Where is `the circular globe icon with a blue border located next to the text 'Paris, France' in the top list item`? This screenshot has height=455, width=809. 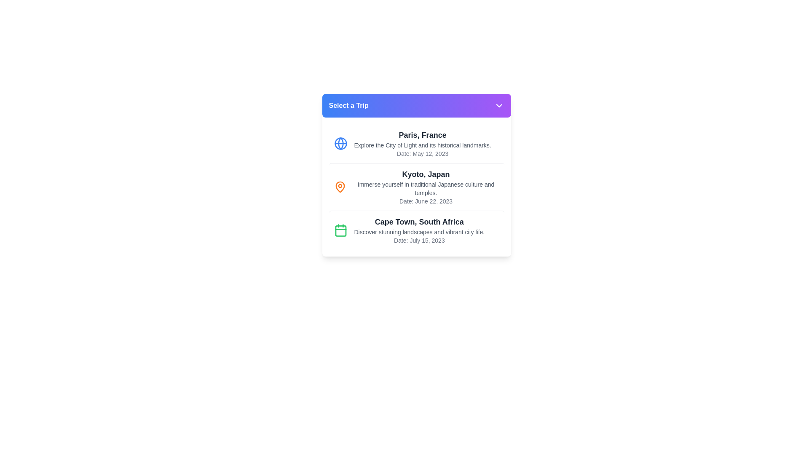
the circular globe icon with a blue border located next to the text 'Paris, France' in the top list item is located at coordinates (340, 143).